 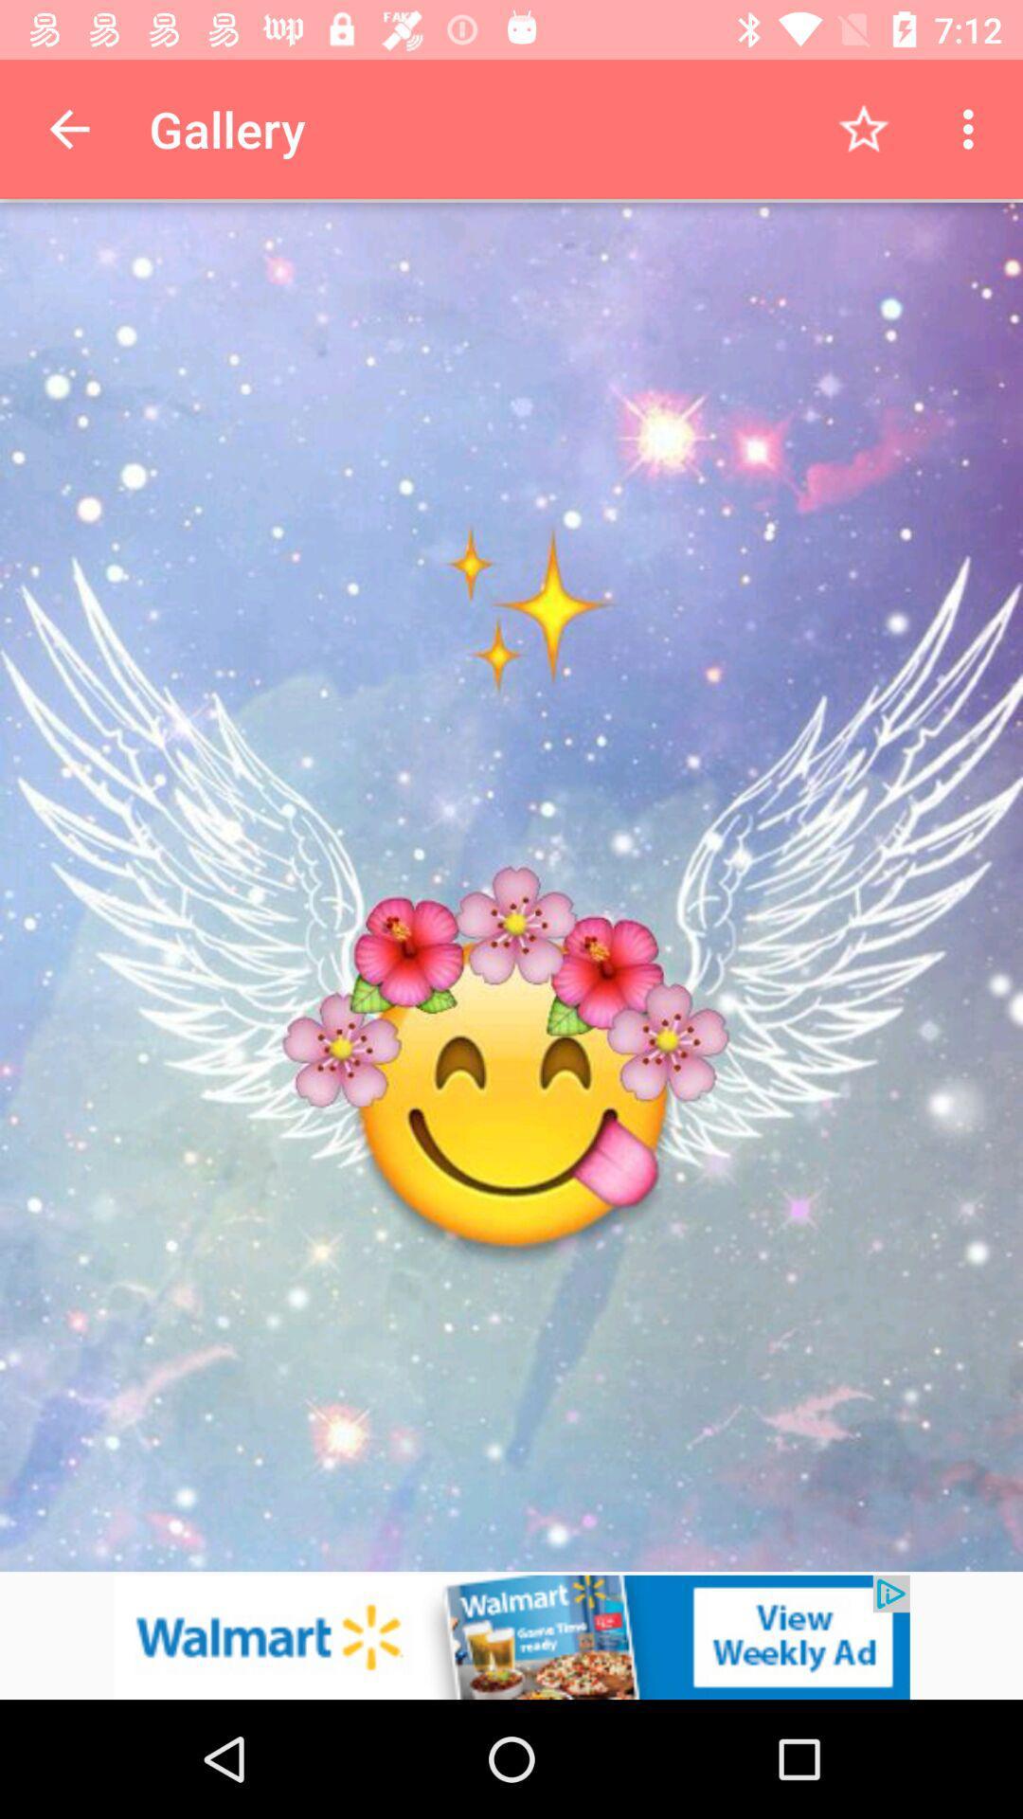 What do you see at coordinates (511, 1636) in the screenshot?
I see `advertisement page` at bounding box center [511, 1636].